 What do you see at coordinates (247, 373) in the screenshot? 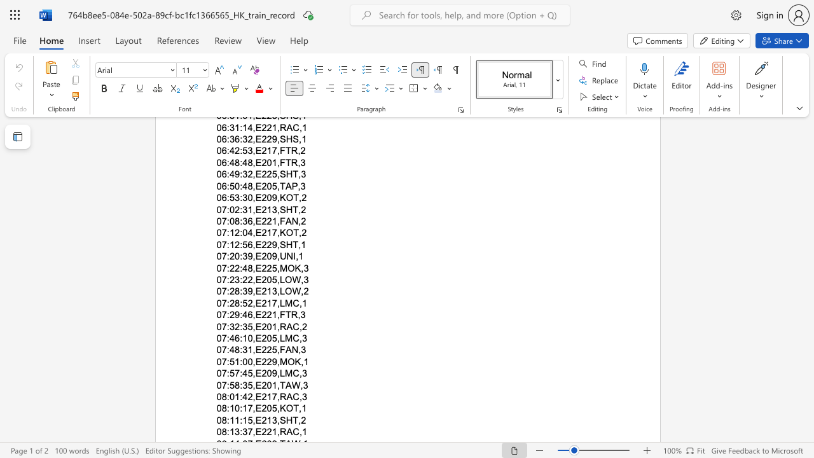
I see `the space between the continuous character "4" and "5" in the text` at bounding box center [247, 373].